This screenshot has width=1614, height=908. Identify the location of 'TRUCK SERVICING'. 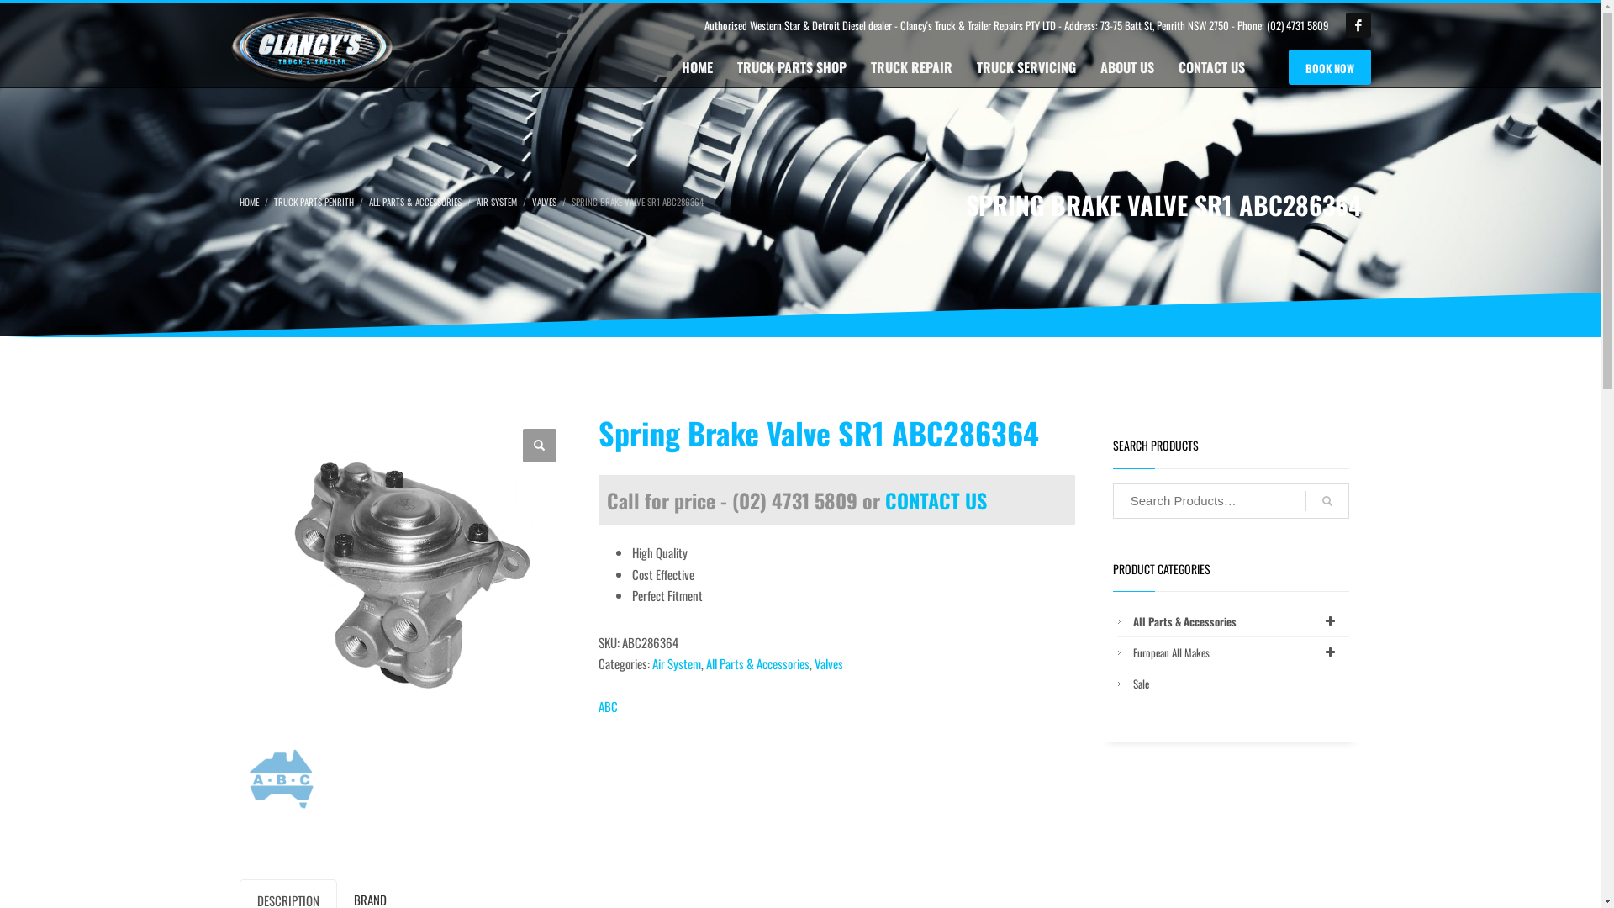
(1025, 66).